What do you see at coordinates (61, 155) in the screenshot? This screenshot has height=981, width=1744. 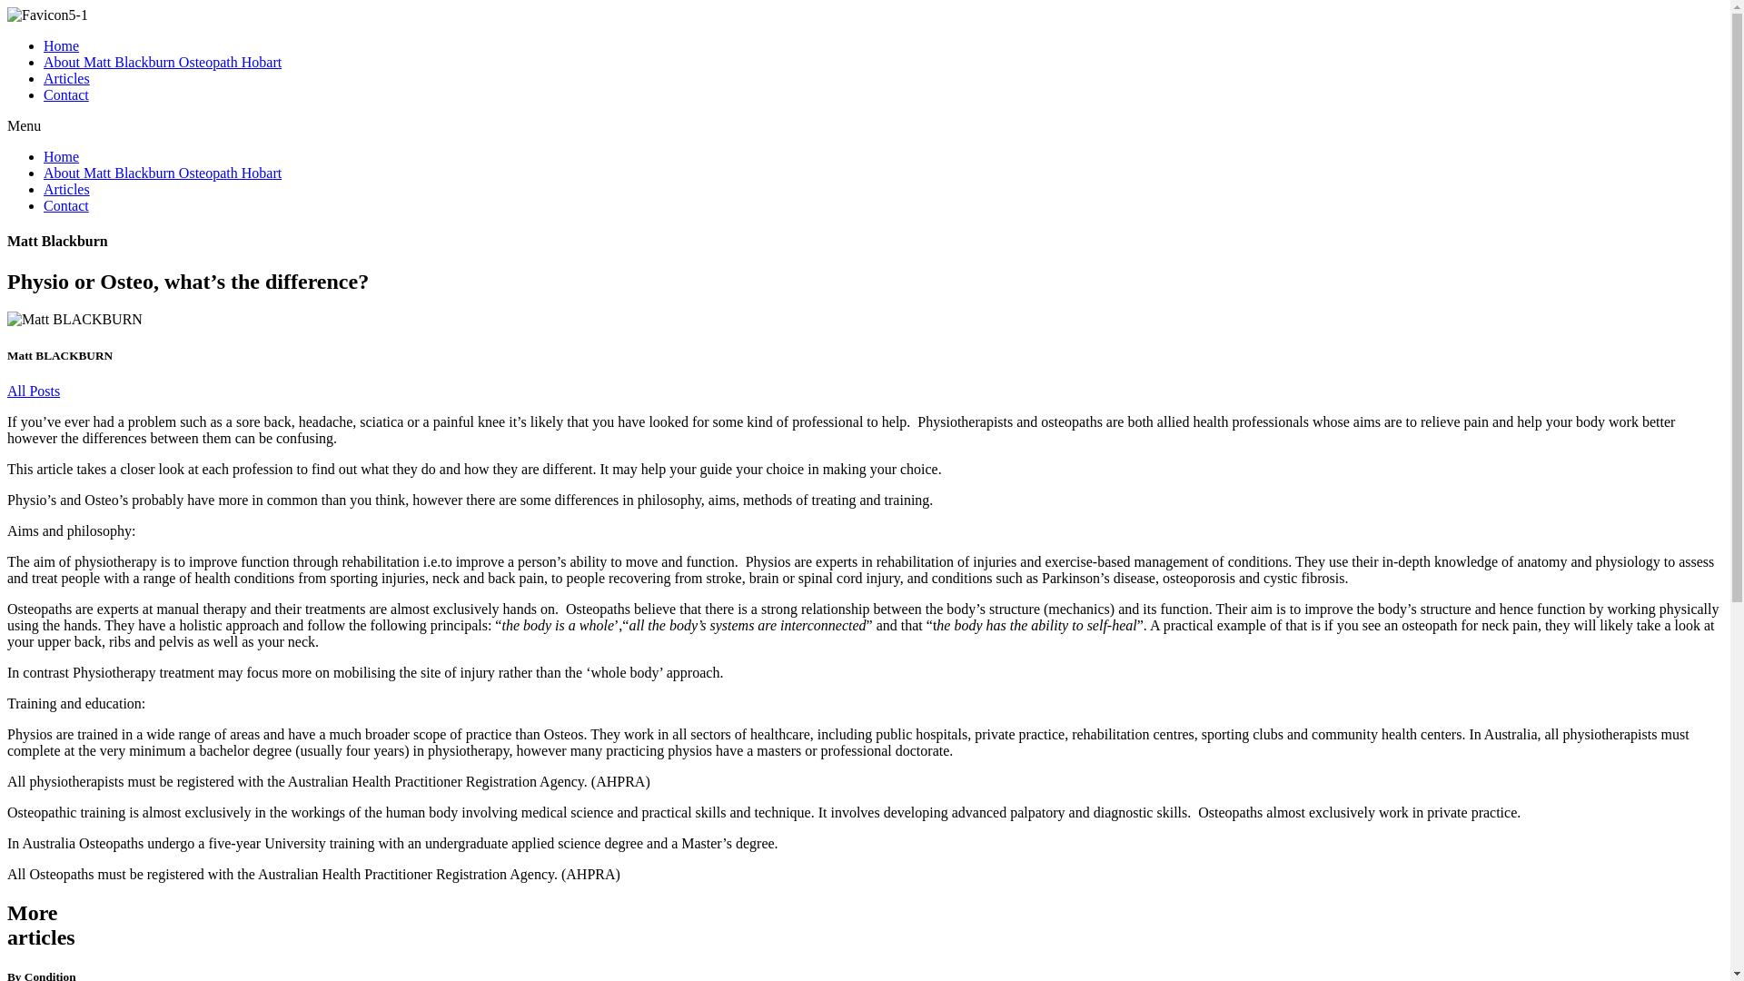 I see `'Home'` at bounding box center [61, 155].